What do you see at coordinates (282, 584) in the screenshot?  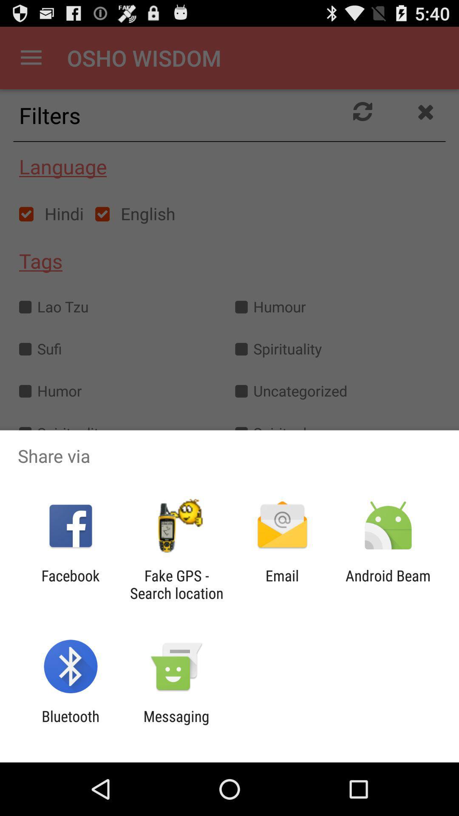 I see `the item to the left of android beam item` at bounding box center [282, 584].